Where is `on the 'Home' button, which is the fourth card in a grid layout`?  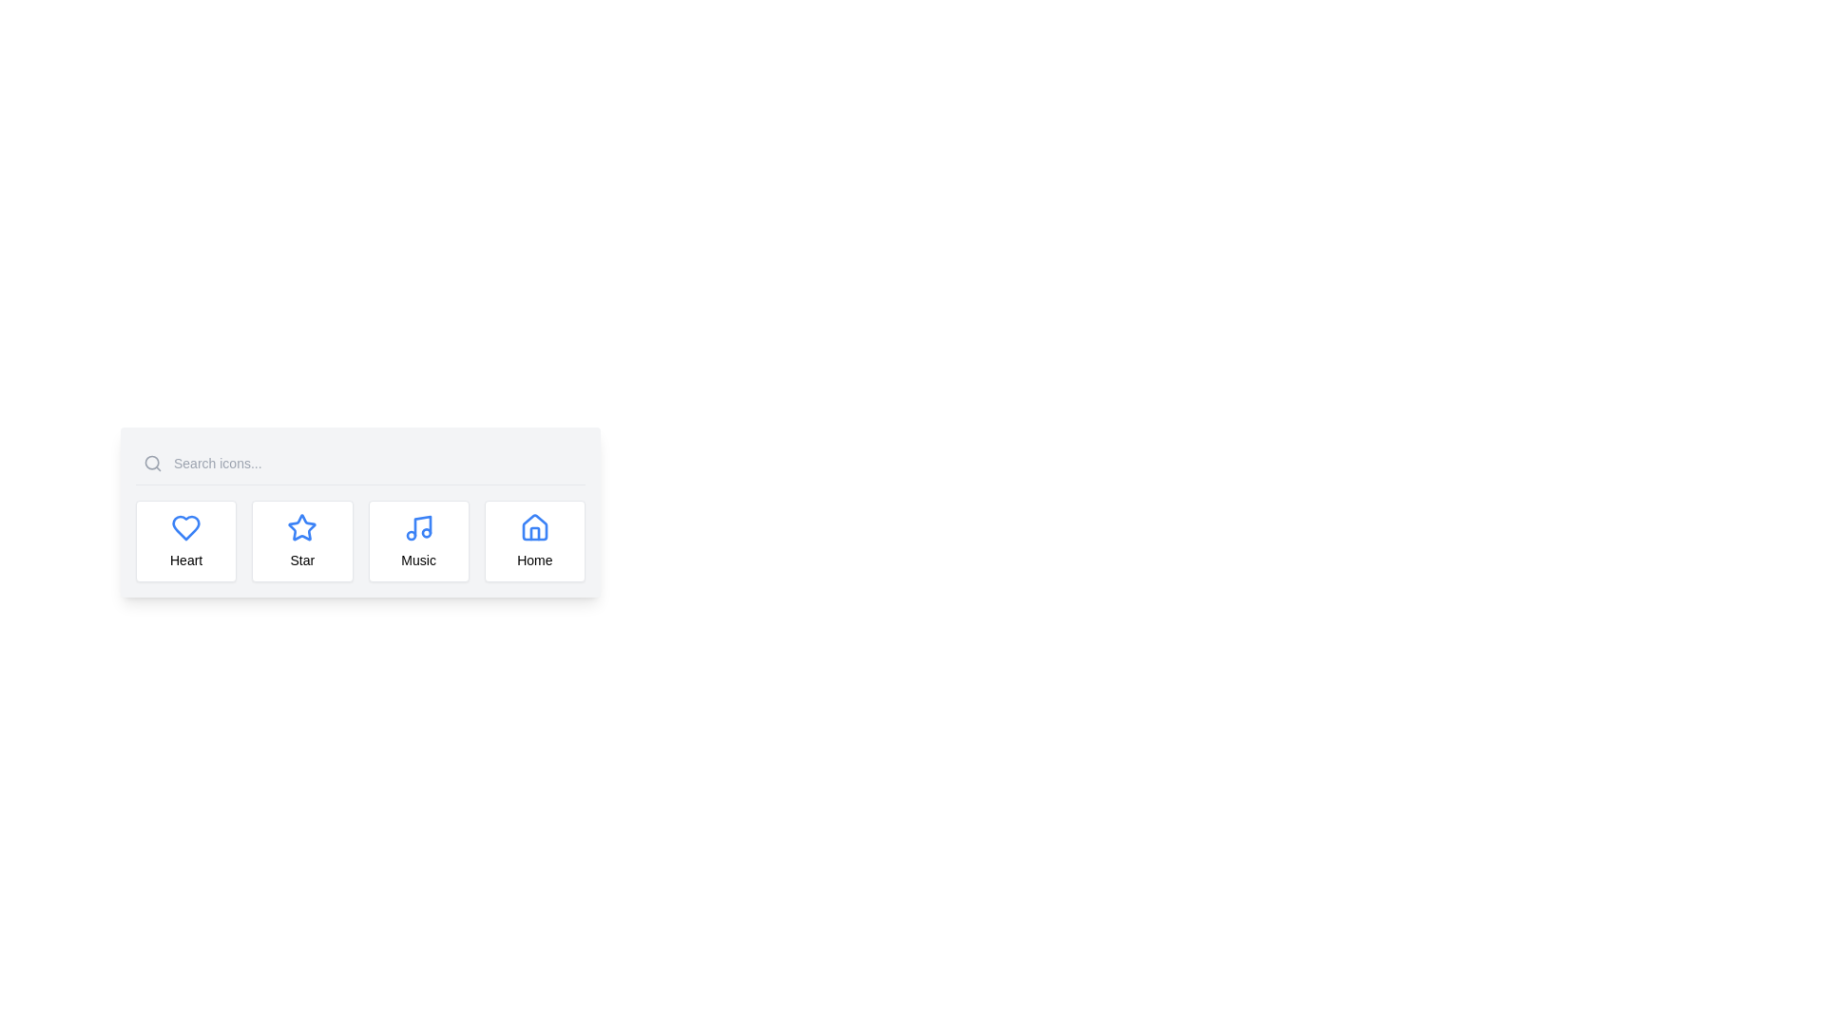
on the 'Home' button, which is the fourth card in a grid layout is located at coordinates (533, 541).